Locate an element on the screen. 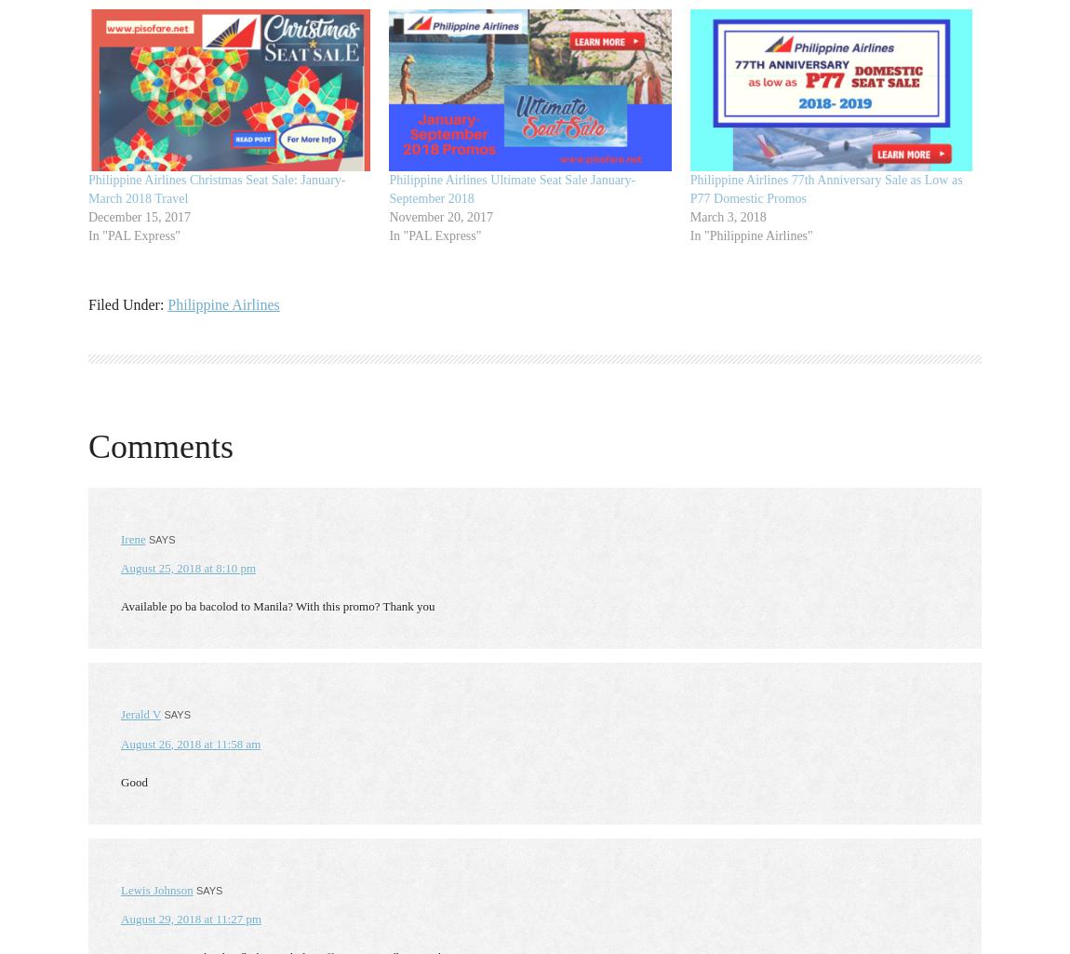  'August 26, 2018 at 11:58 am' is located at coordinates (190, 742).